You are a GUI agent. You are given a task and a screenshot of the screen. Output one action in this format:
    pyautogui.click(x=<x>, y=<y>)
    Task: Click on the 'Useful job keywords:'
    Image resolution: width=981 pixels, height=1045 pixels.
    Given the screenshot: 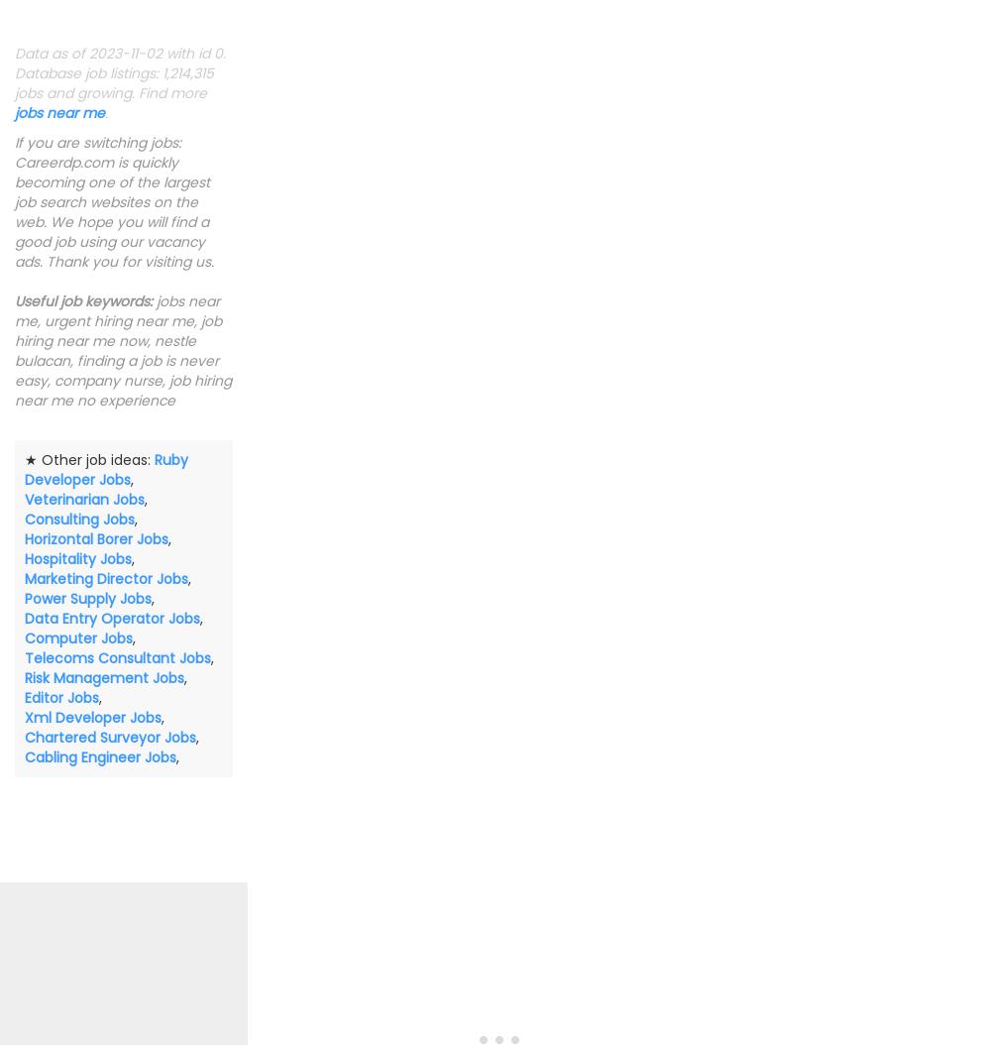 What is the action you would take?
    pyautogui.click(x=14, y=299)
    